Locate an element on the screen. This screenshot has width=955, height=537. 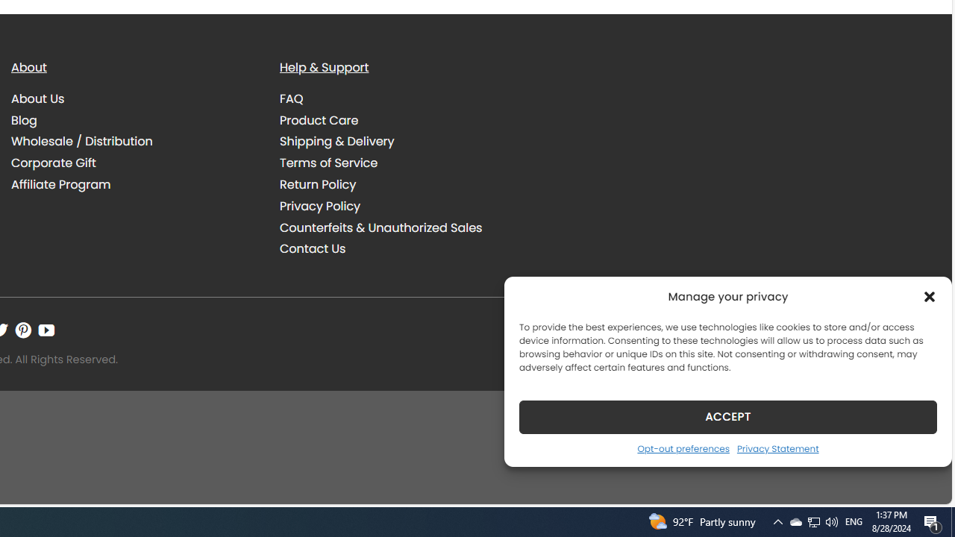
'FAQ' is located at coordinates (403, 98).